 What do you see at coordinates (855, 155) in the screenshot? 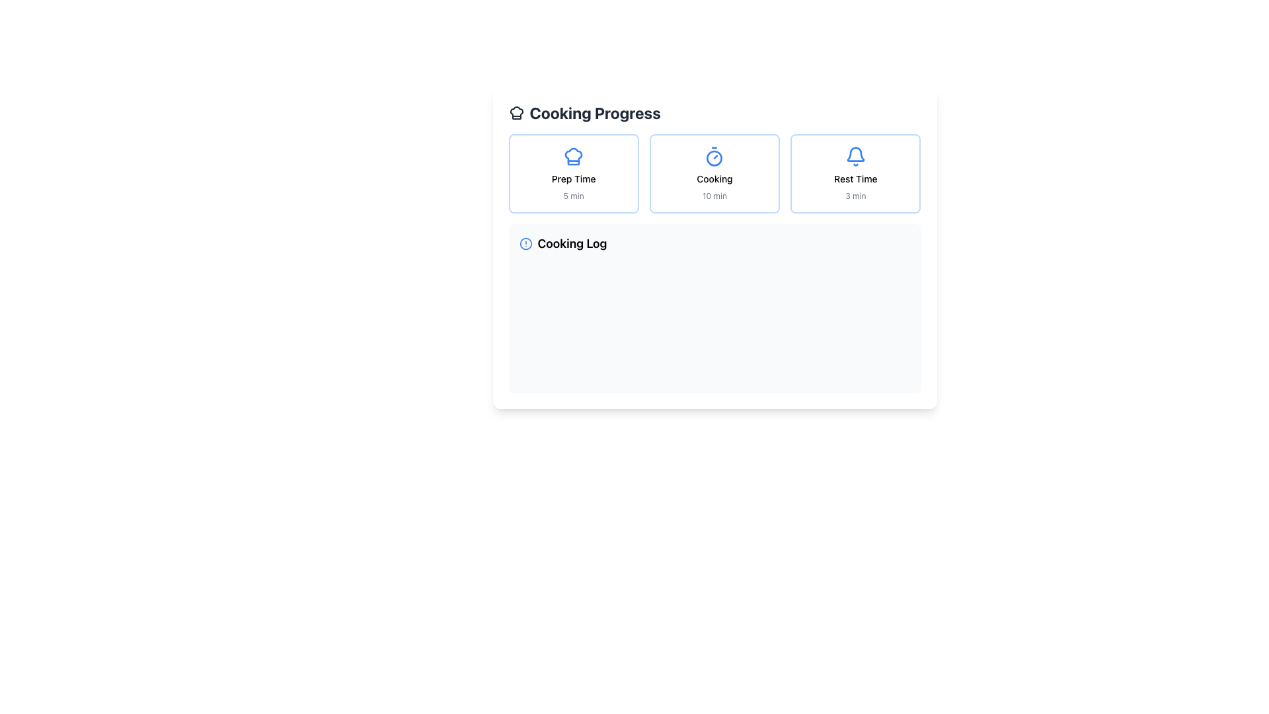
I see `the blue bell icon located at the top of the 'Rest Time' card, which is the third card in the row, positioned in the top-right of the 'Cooking Progress' section` at bounding box center [855, 155].